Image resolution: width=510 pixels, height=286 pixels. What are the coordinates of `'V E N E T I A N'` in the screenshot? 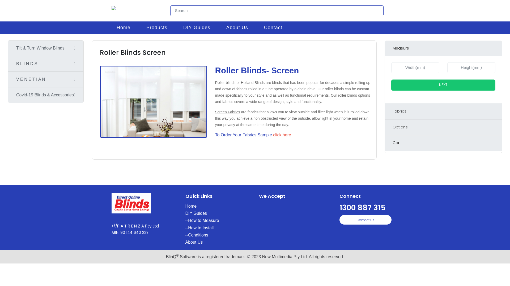 It's located at (16, 79).